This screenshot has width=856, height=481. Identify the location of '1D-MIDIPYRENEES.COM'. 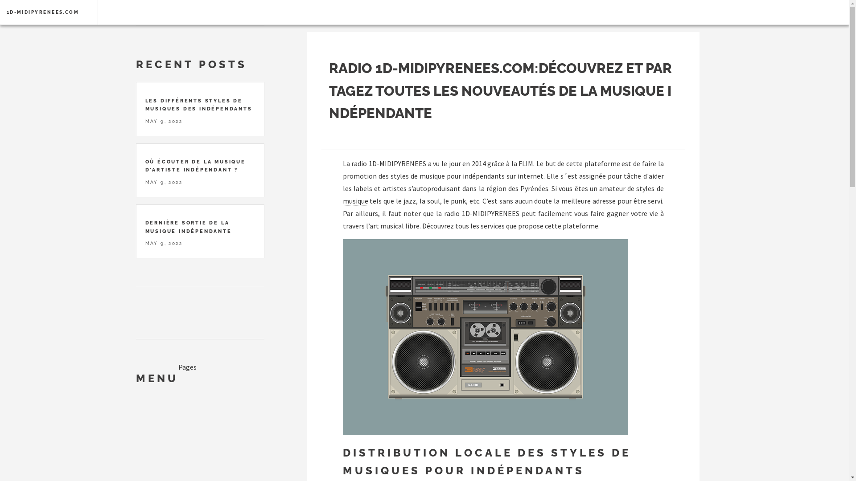
(42, 12).